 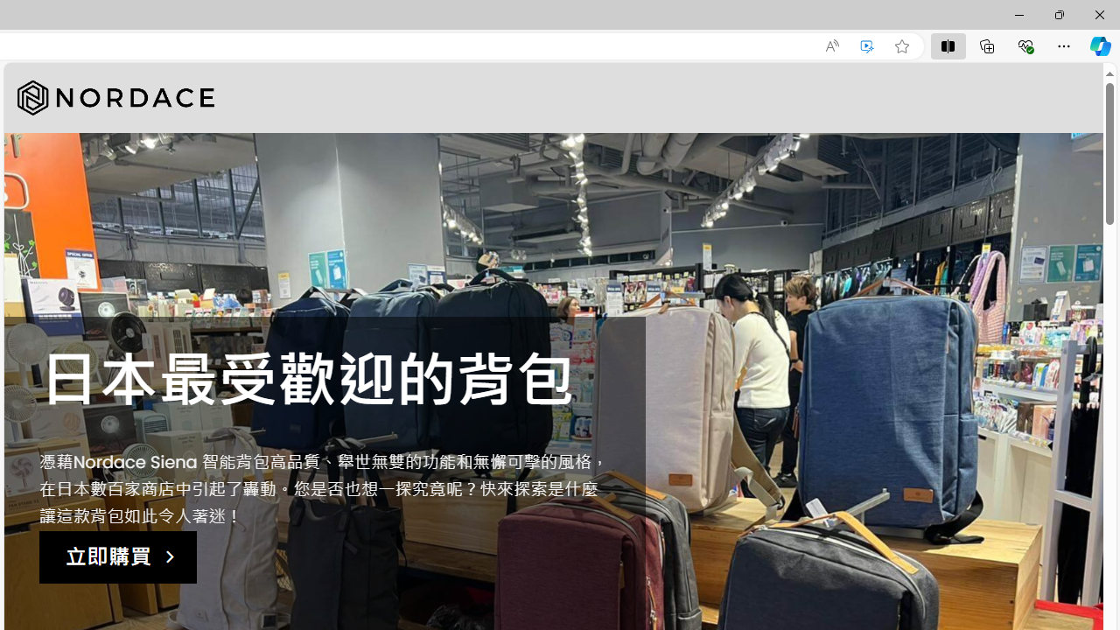 I want to click on 'Copilot (Ctrl+Shift+.)', so click(x=1100, y=45).